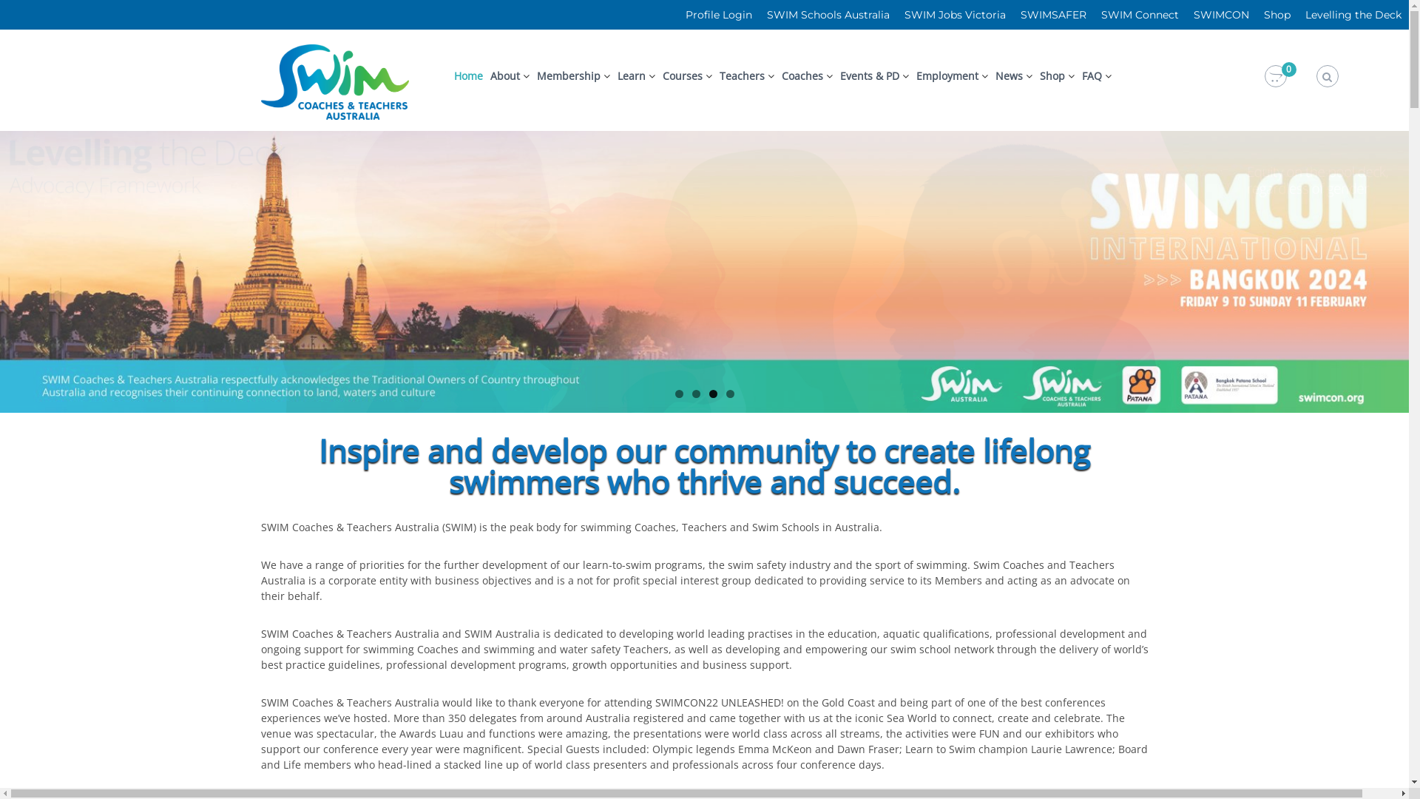 The height and width of the screenshot is (799, 1420). What do you see at coordinates (801, 75) in the screenshot?
I see `'Coaches'` at bounding box center [801, 75].